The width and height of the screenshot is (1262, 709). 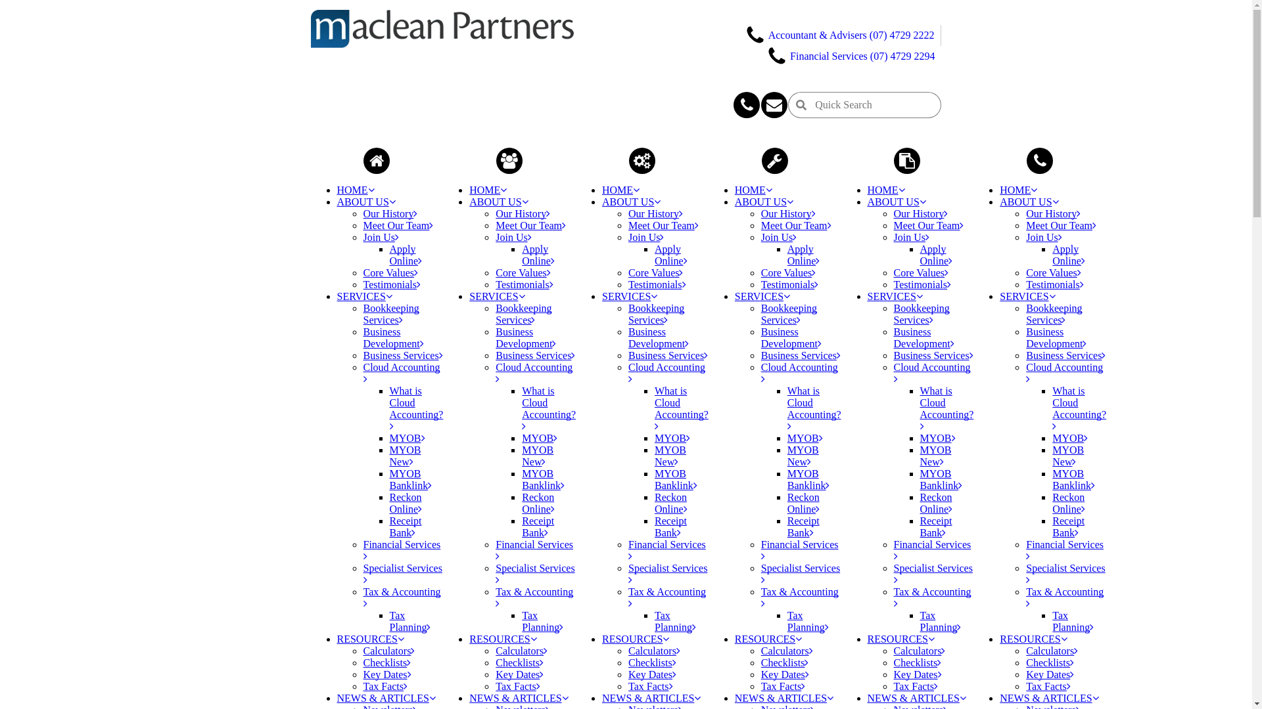 What do you see at coordinates (521, 408) in the screenshot?
I see `'What is Cloud Accounting?'` at bounding box center [521, 408].